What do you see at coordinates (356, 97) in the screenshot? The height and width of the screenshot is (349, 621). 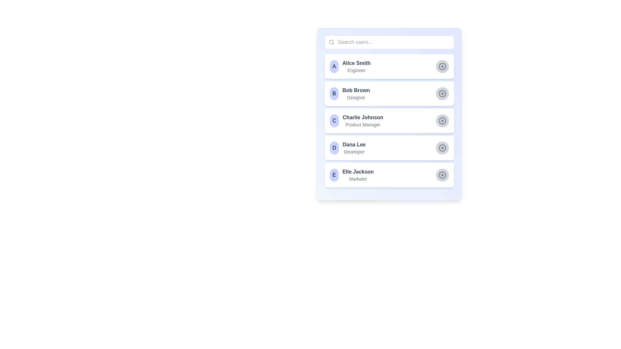 I see `the text content of the Text label indicating the profession or role of 'Bob Brown', located below the main name in the user card` at bounding box center [356, 97].